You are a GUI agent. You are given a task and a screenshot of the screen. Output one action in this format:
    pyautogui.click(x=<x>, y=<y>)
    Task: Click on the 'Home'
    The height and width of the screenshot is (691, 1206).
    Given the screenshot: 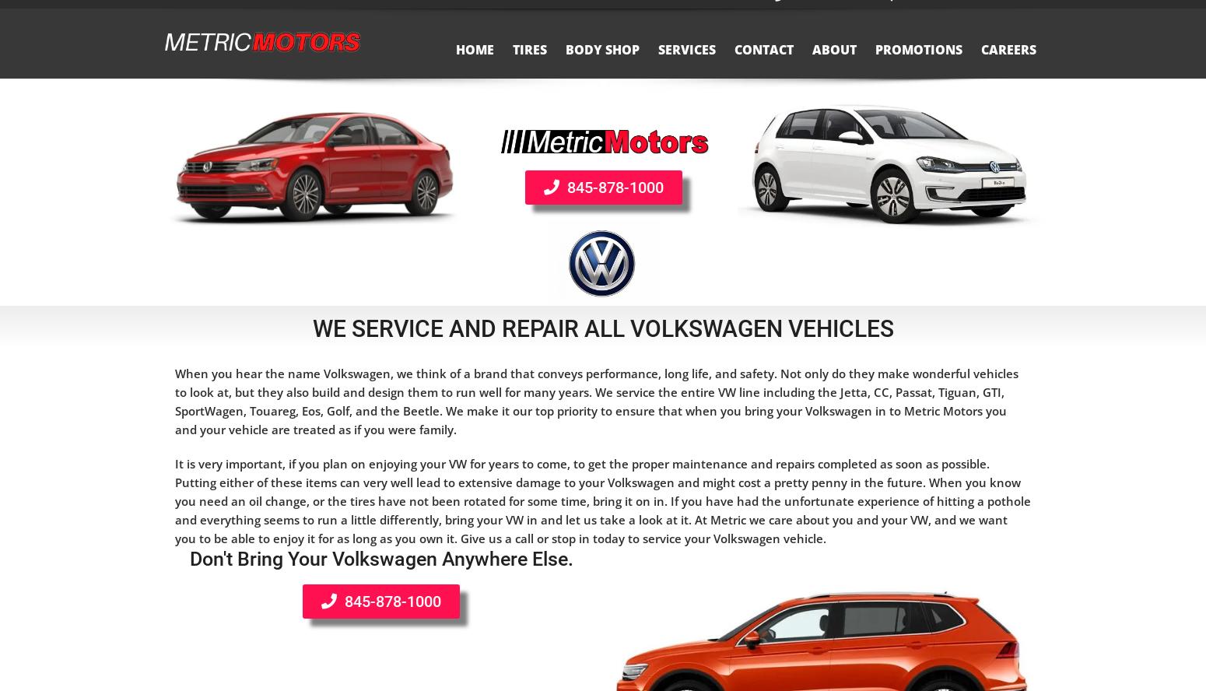 What is the action you would take?
    pyautogui.click(x=475, y=65)
    